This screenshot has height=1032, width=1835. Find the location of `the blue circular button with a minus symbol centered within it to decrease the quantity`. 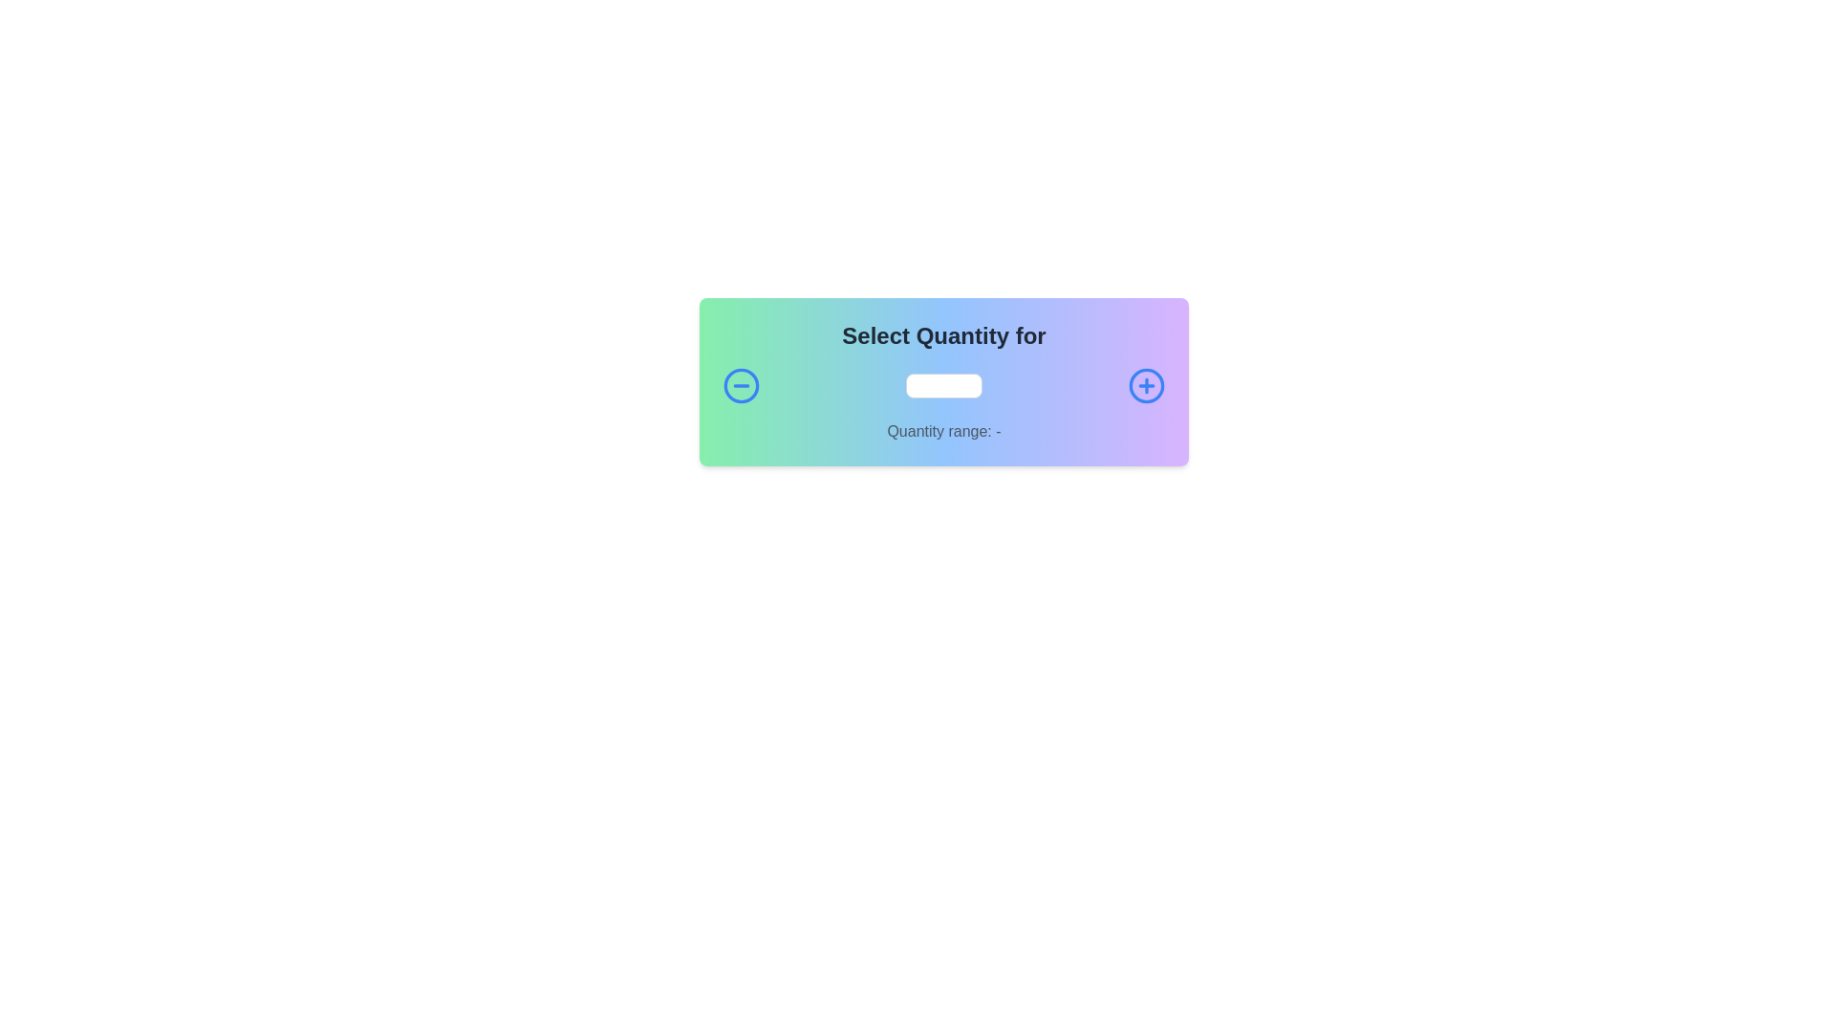

the blue circular button with a minus symbol centered within it to decrease the quantity is located at coordinates (741, 386).